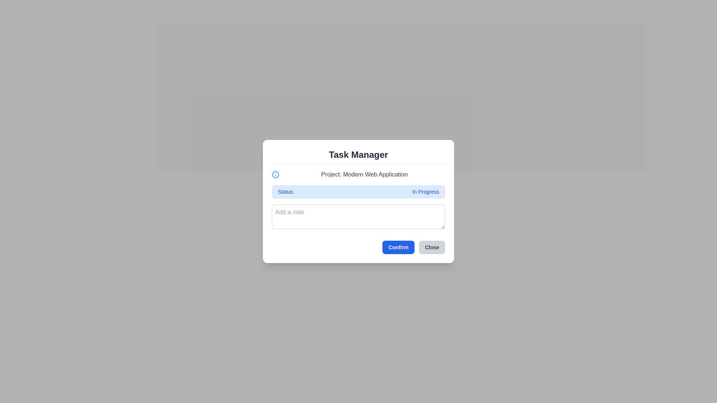 The image size is (717, 403). What do you see at coordinates (358, 156) in the screenshot?
I see `text of the heading element displaying 'Task Manager', which is styled in bold gray and serves as the title for the section` at bounding box center [358, 156].